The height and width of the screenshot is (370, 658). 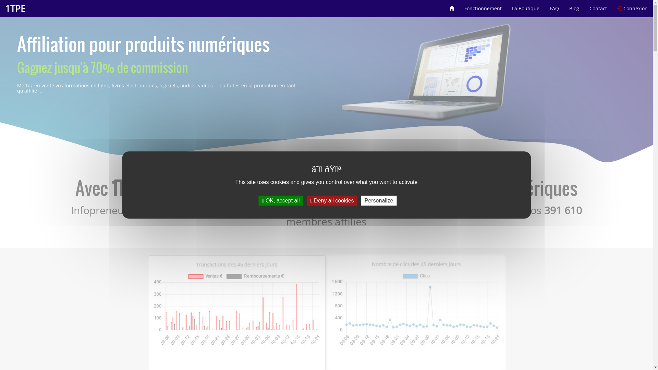 I want to click on 'Fonctionnement', so click(x=483, y=6).